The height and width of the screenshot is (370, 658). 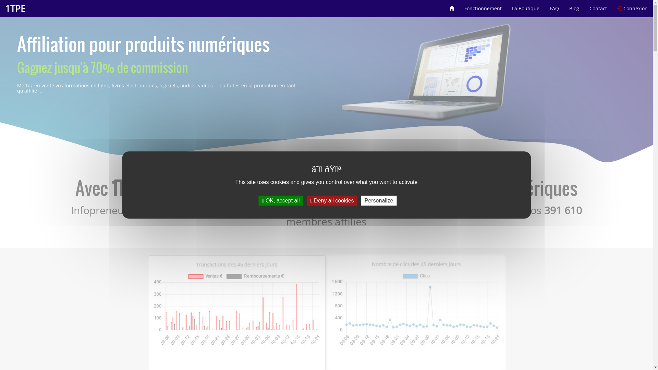 I want to click on 'Fonctionnement', so click(x=483, y=6).